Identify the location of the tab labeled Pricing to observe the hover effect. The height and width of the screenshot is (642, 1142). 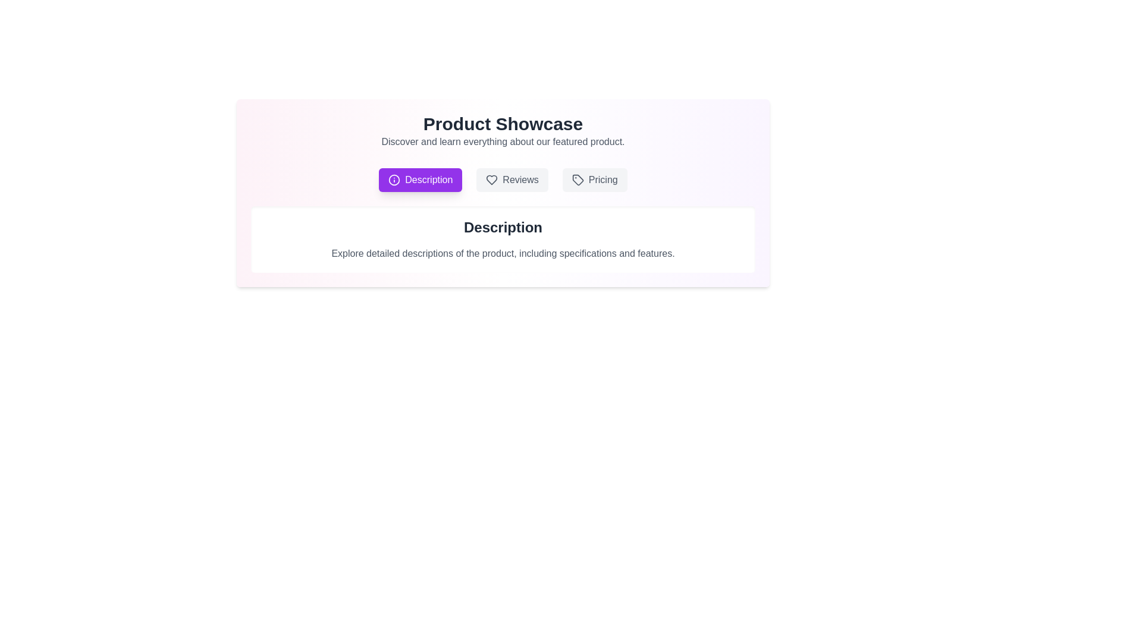
(595, 180).